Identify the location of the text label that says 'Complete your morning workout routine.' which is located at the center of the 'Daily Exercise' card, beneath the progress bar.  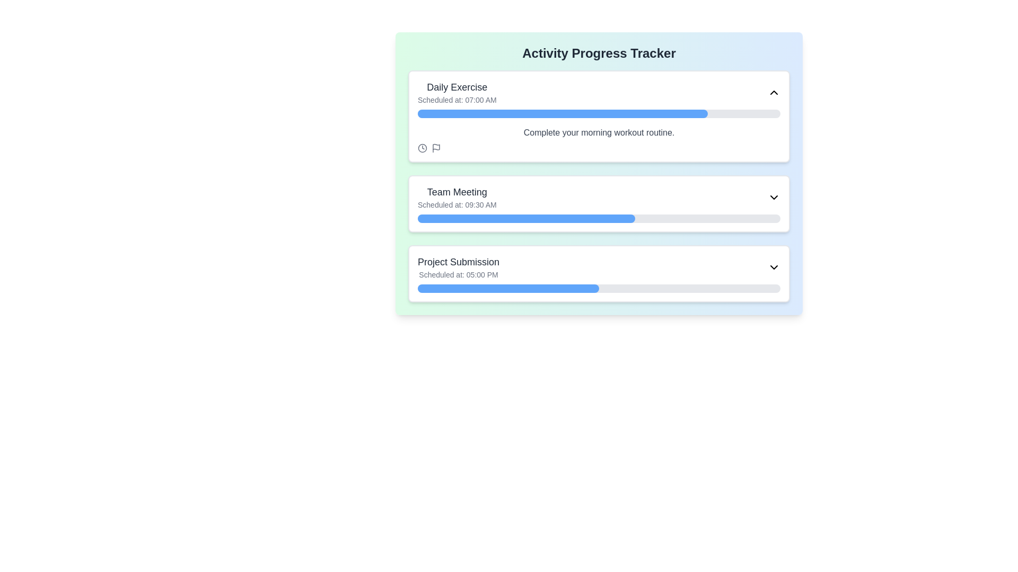
(599, 132).